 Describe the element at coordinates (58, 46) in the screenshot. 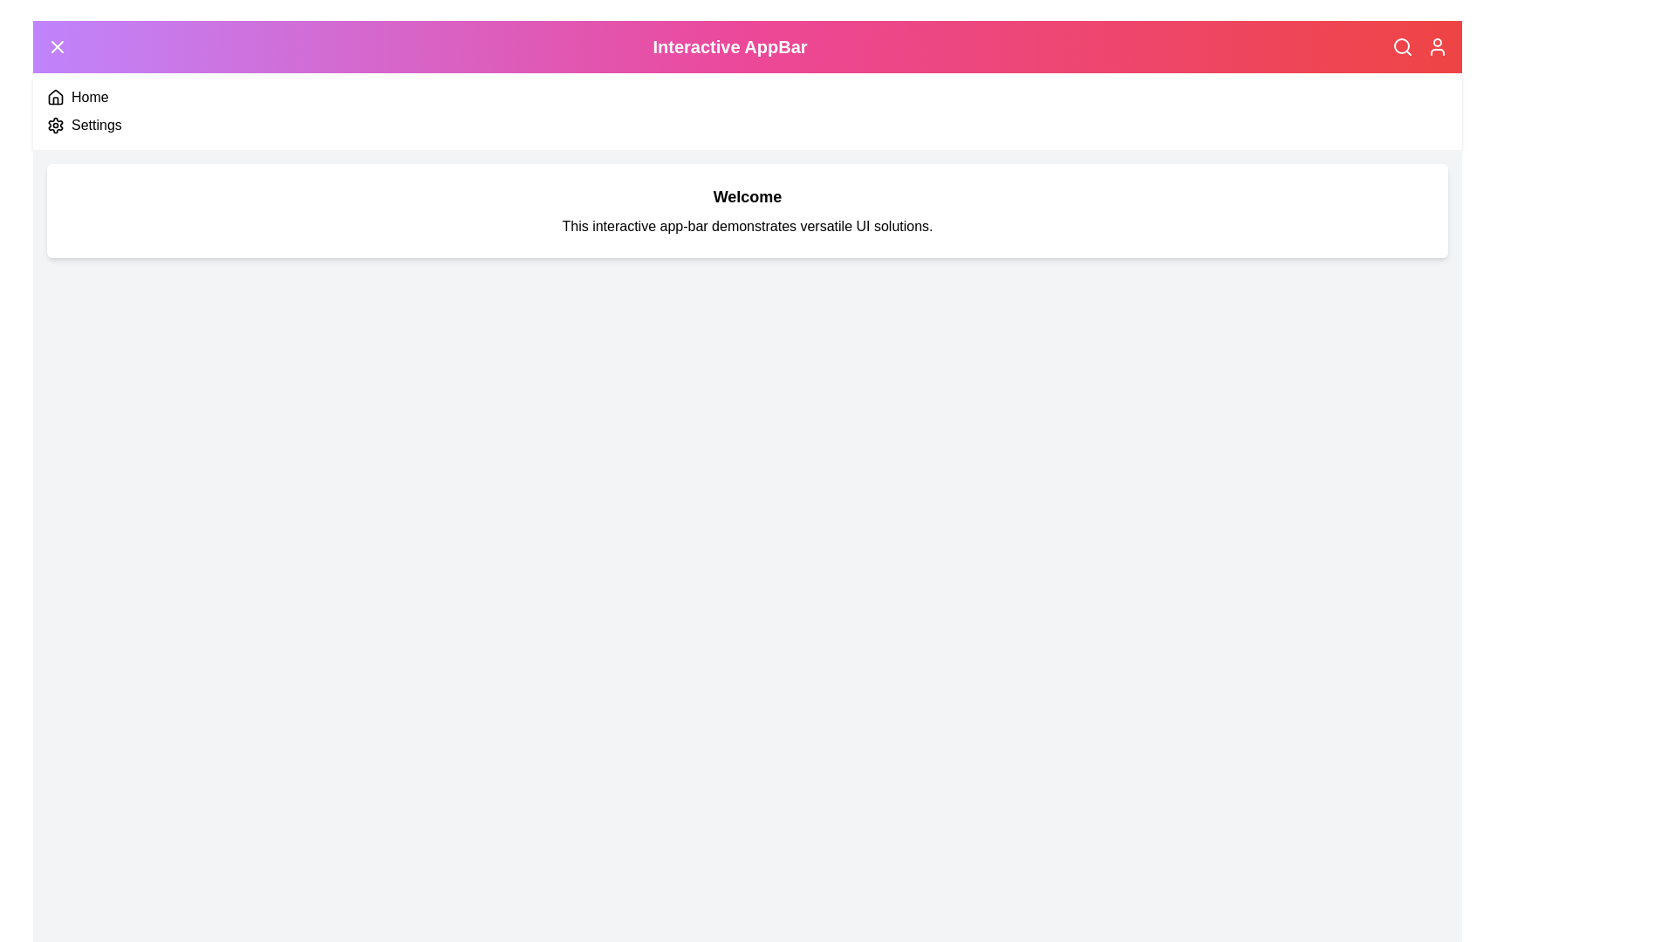

I see `the menu toggle button to toggle the menu open/close state` at that location.